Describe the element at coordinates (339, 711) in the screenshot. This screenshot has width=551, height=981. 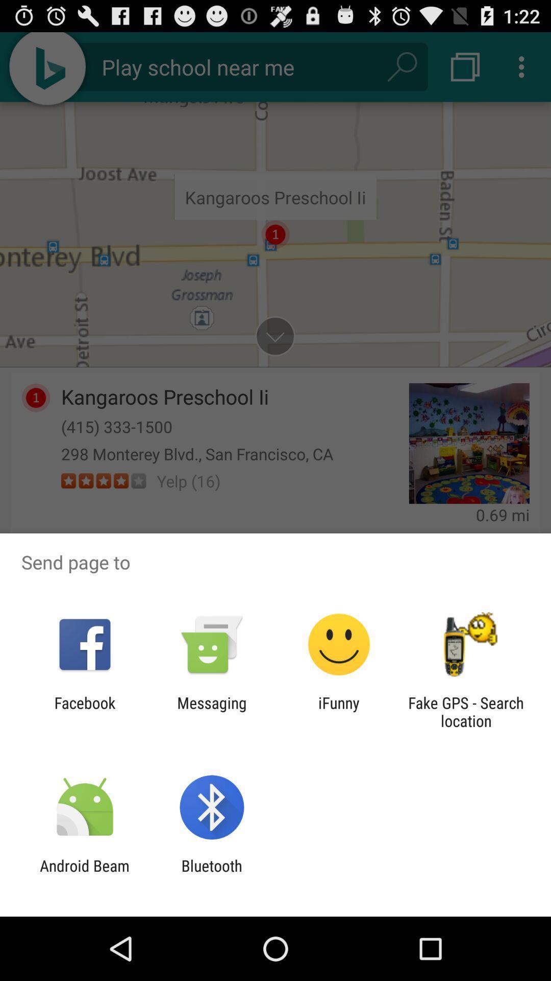
I see `app to the left of fake gps search item` at that location.